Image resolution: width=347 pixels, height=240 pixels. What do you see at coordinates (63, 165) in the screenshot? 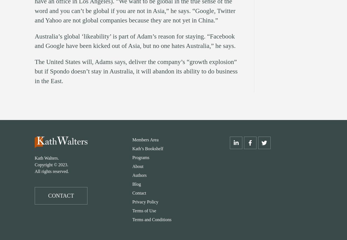
I see `'2023.'` at bounding box center [63, 165].